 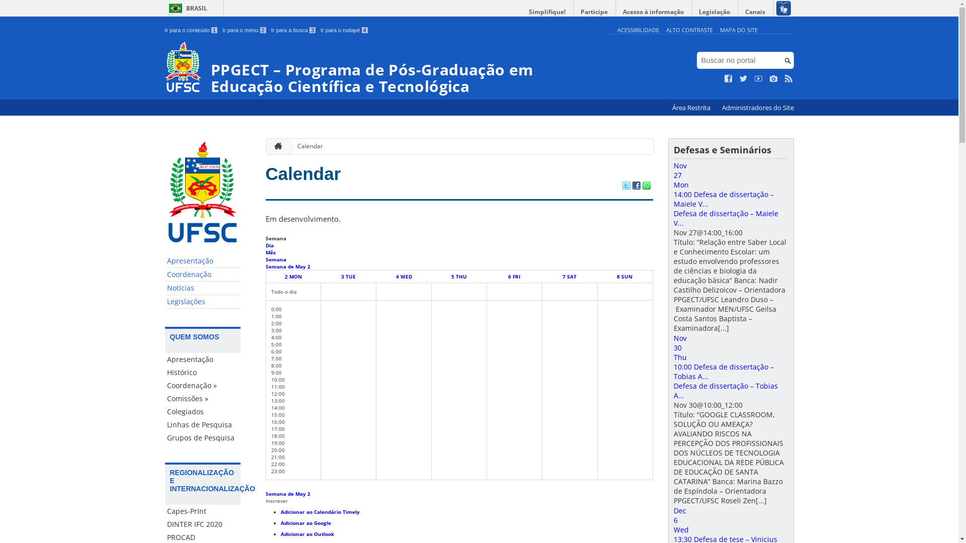 What do you see at coordinates (202, 424) in the screenshot?
I see `'Linhas de Pesquisa'` at bounding box center [202, 424].